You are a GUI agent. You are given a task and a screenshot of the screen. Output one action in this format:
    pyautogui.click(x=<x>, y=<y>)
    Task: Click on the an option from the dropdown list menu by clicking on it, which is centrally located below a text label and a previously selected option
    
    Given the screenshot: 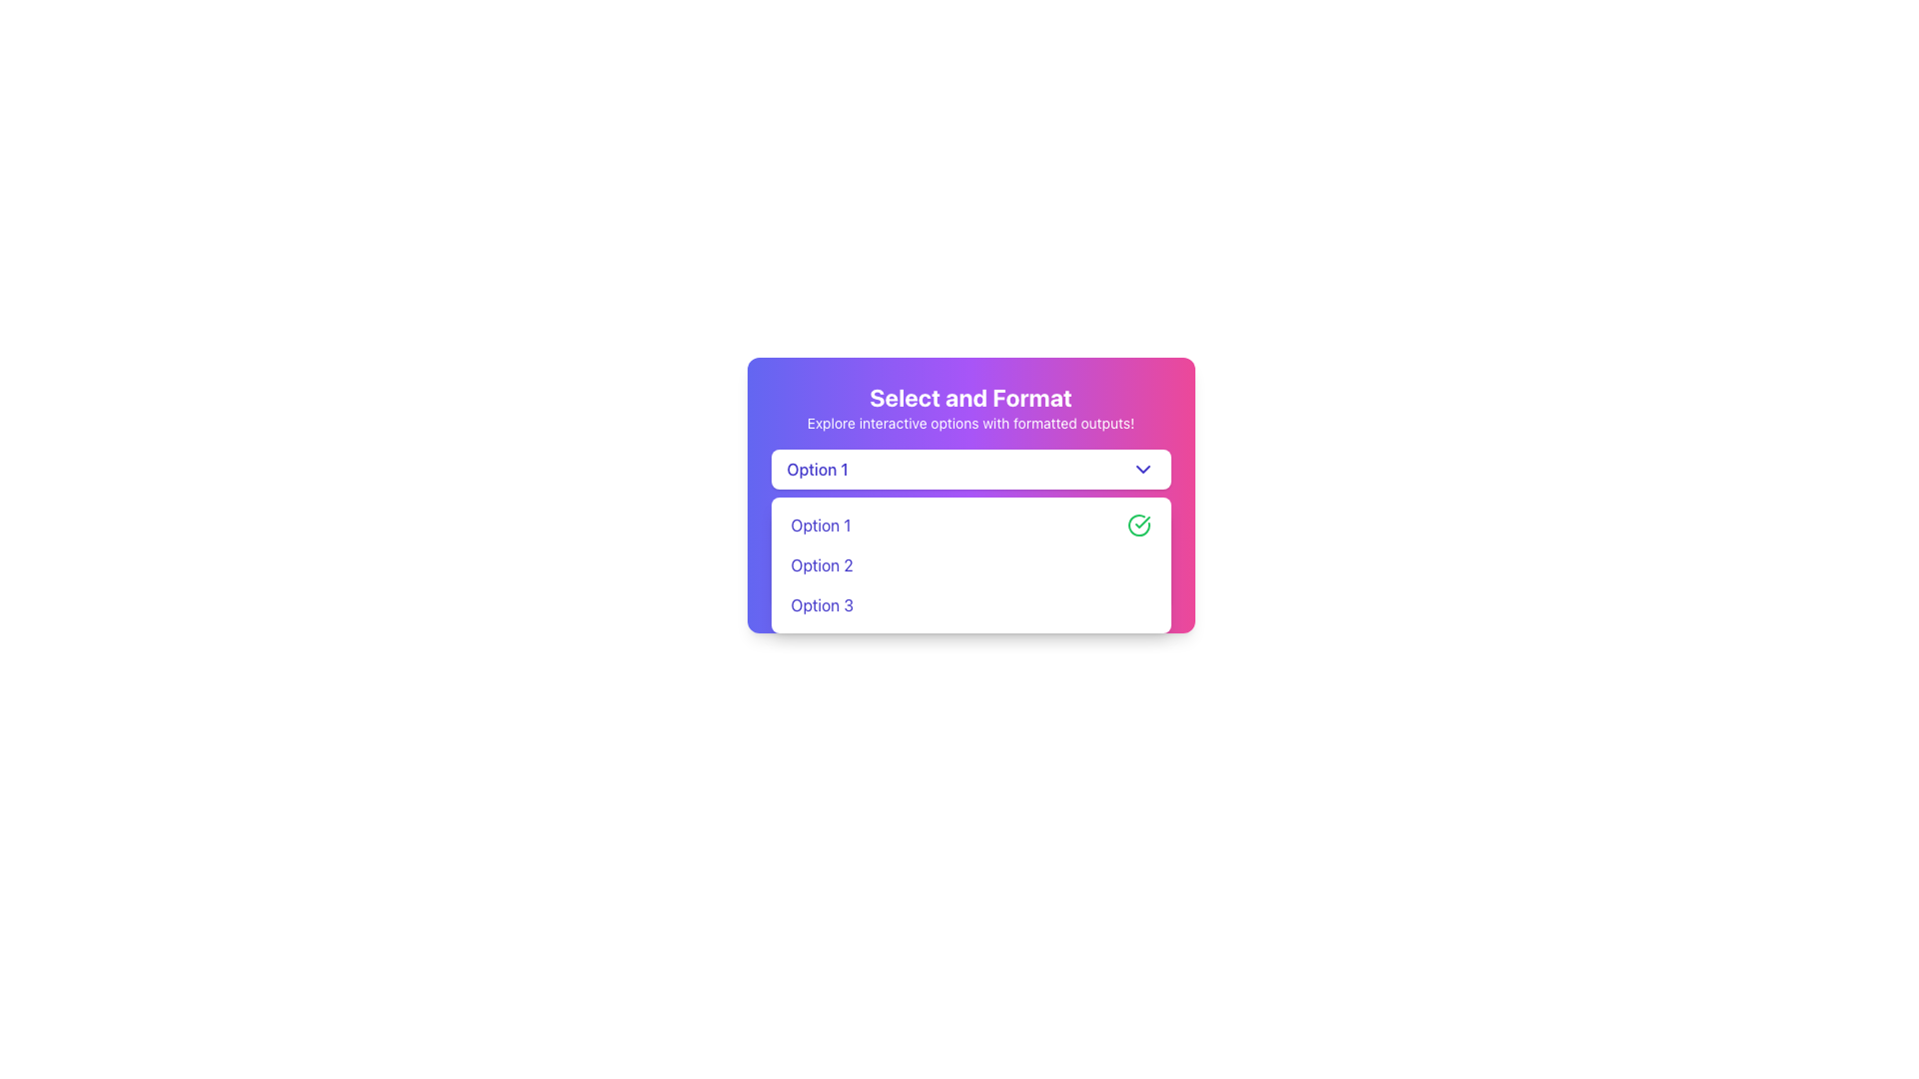 What is the action you would take?
    pyautogui.click(x=970, y=565)
    